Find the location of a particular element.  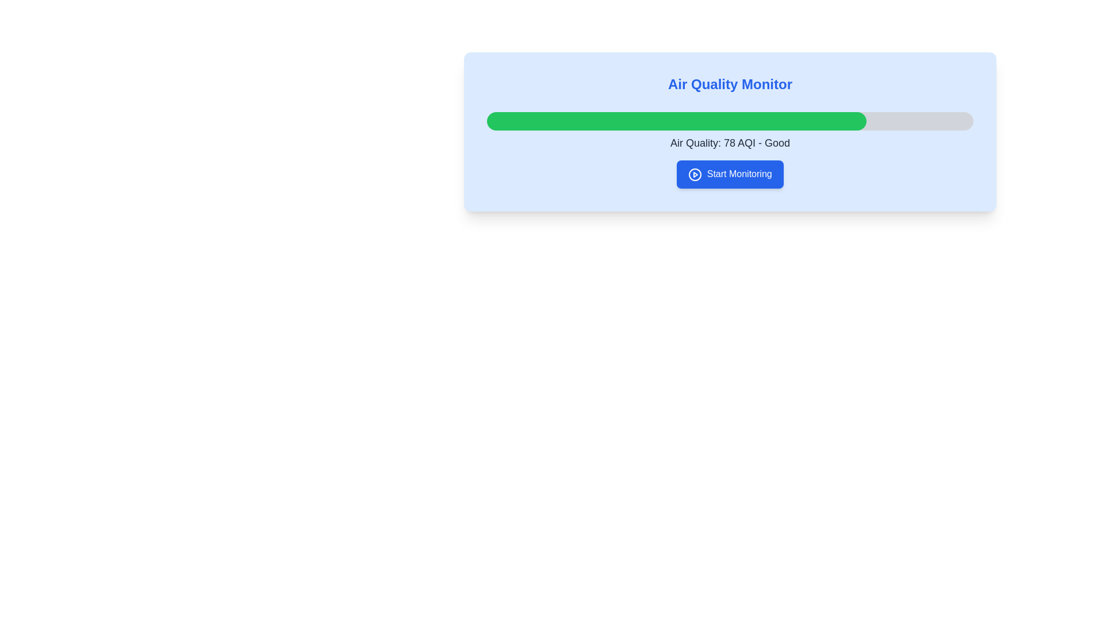

the Text Label that displays the air quality index (AQI) value and descriptor ('Good'), which is positioned below a green progress bar and above a 'Start Monitoring' button is located at coordinates (730, 143).